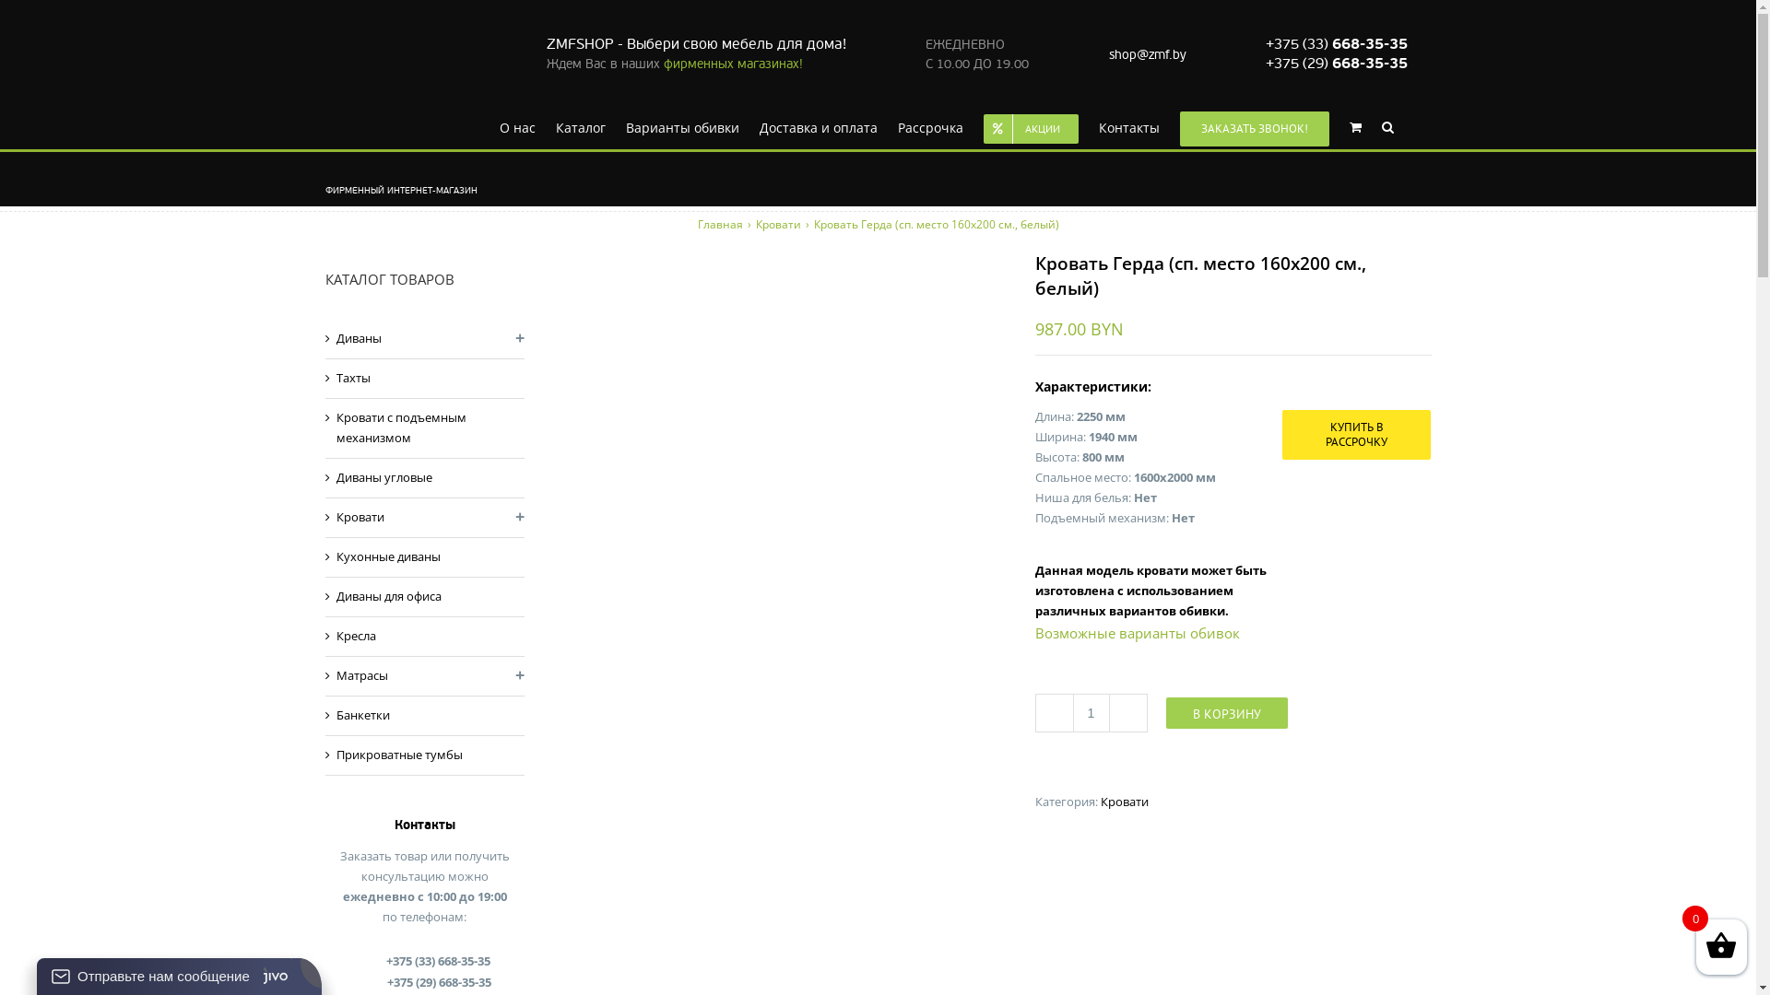 The height and width of the screenshot is (995, 1770). Describe the element at coordinates (1146, 53) in the screenshot. I see `'shop@zmf.by'` at that location.